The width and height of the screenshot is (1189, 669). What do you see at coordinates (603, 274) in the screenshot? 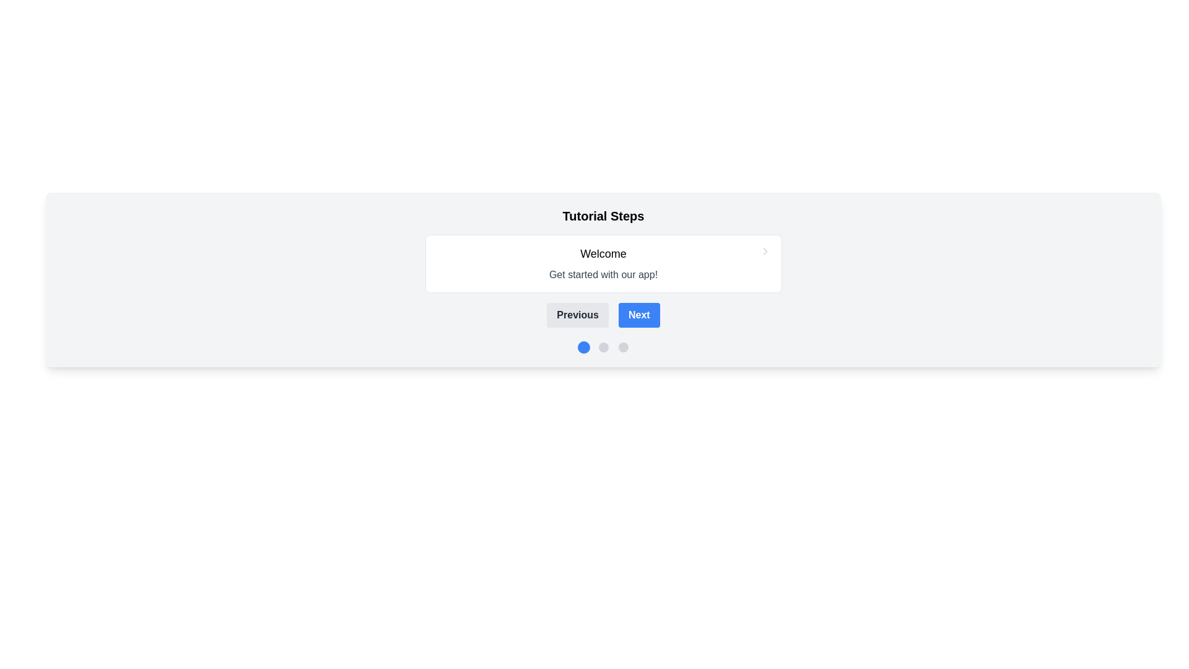
I see `static text content 'Get started with our app!' which is styled in gray and located within a white card below the 'Welcome' label` at bounding box center [603, 274].